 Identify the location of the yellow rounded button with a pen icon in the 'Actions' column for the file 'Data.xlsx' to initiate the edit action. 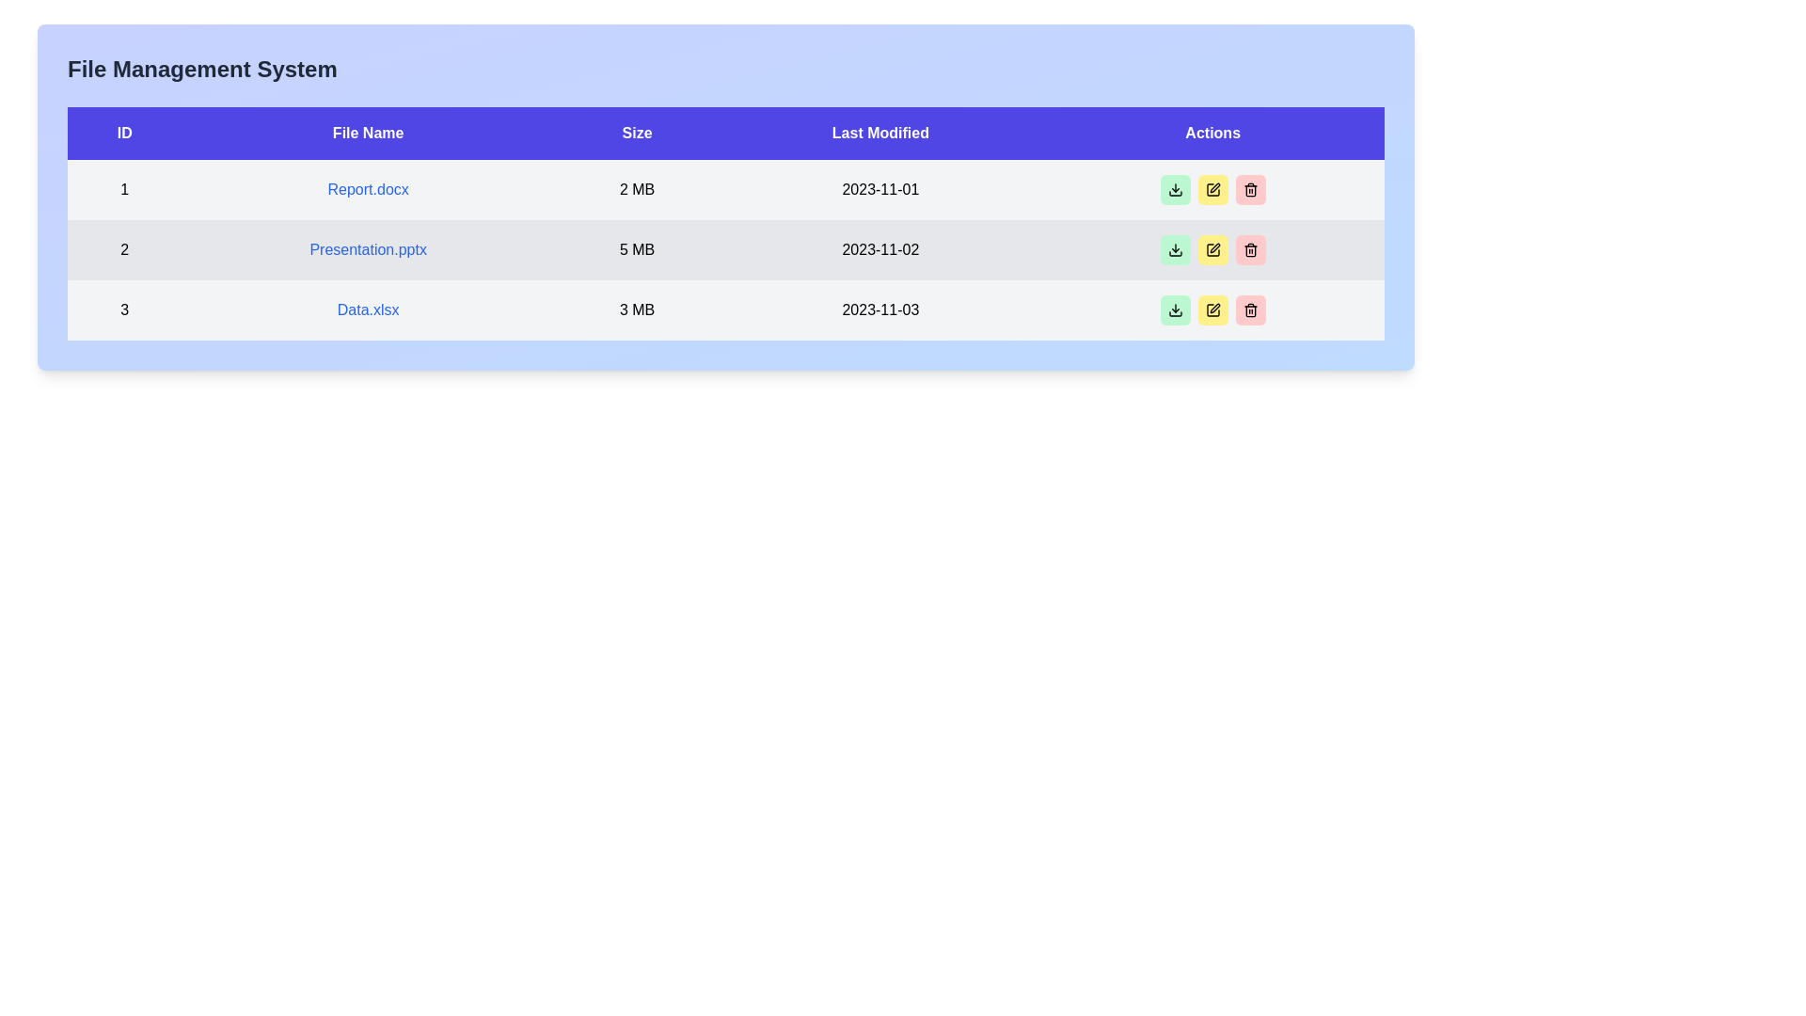
(1212, 310).